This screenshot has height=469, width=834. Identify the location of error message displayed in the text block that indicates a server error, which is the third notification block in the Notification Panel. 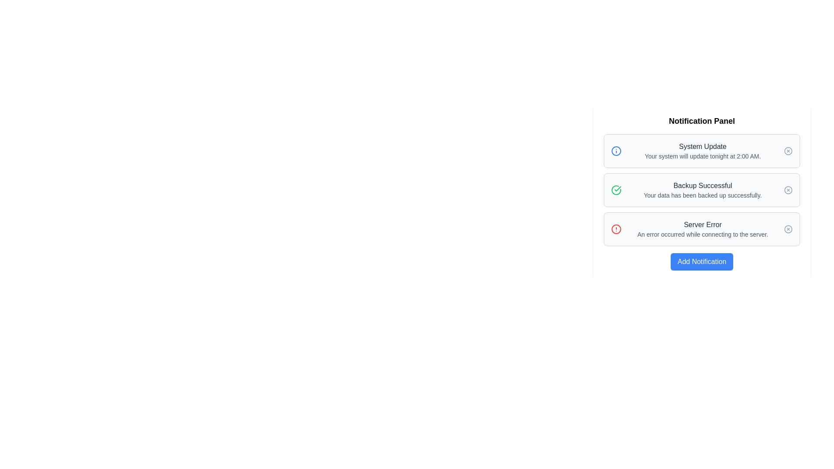
(702, 229).